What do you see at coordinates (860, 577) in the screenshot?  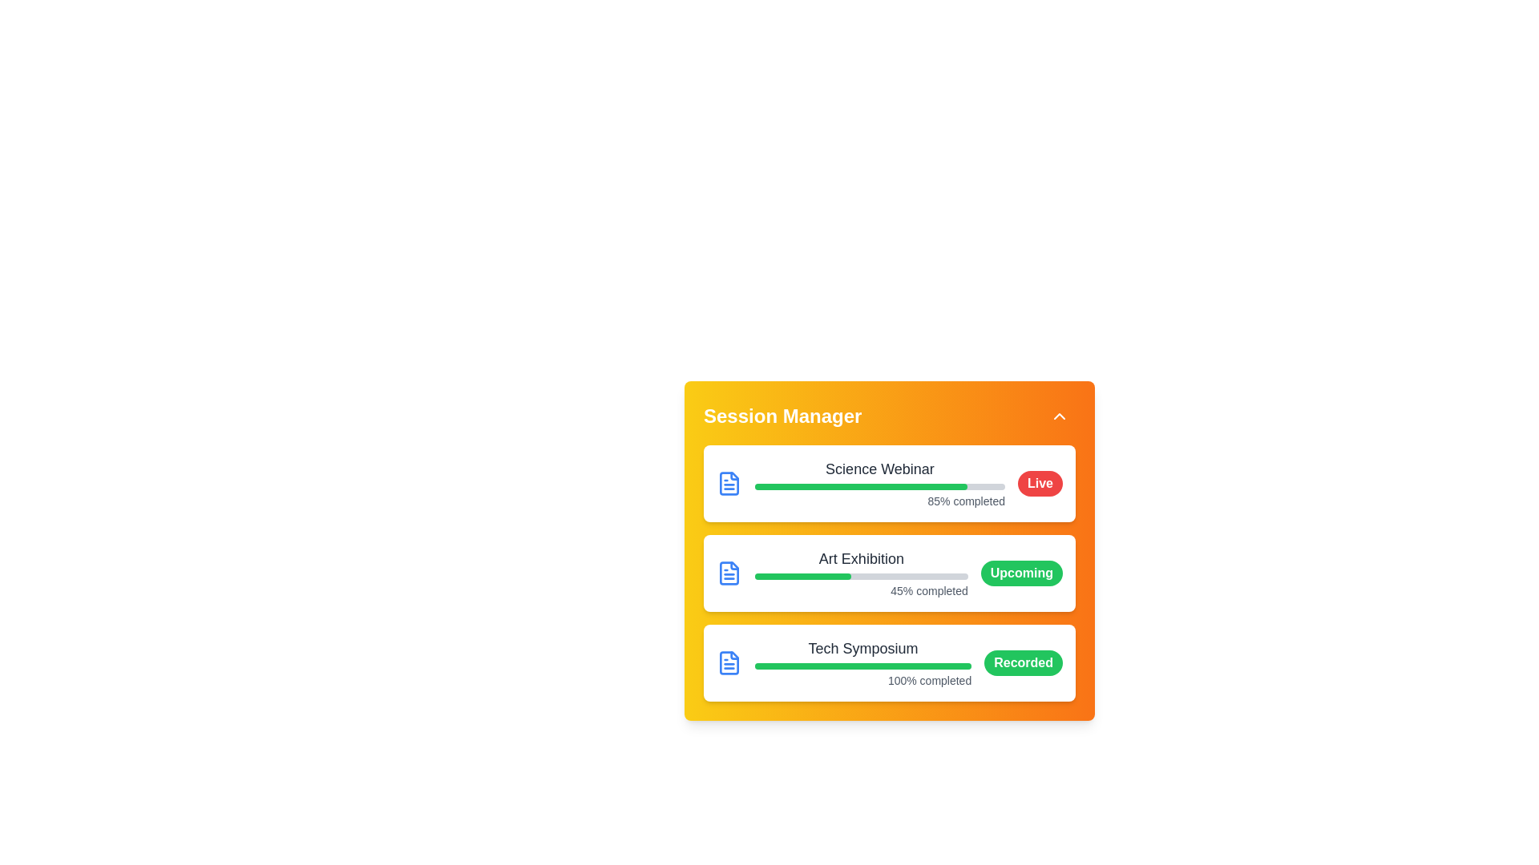 I see `the horizontal progress bar located within the 'Art Exhibition' card, which has a gray background and a green-filled section extending up to 45%` at bounding box center [860, 577].